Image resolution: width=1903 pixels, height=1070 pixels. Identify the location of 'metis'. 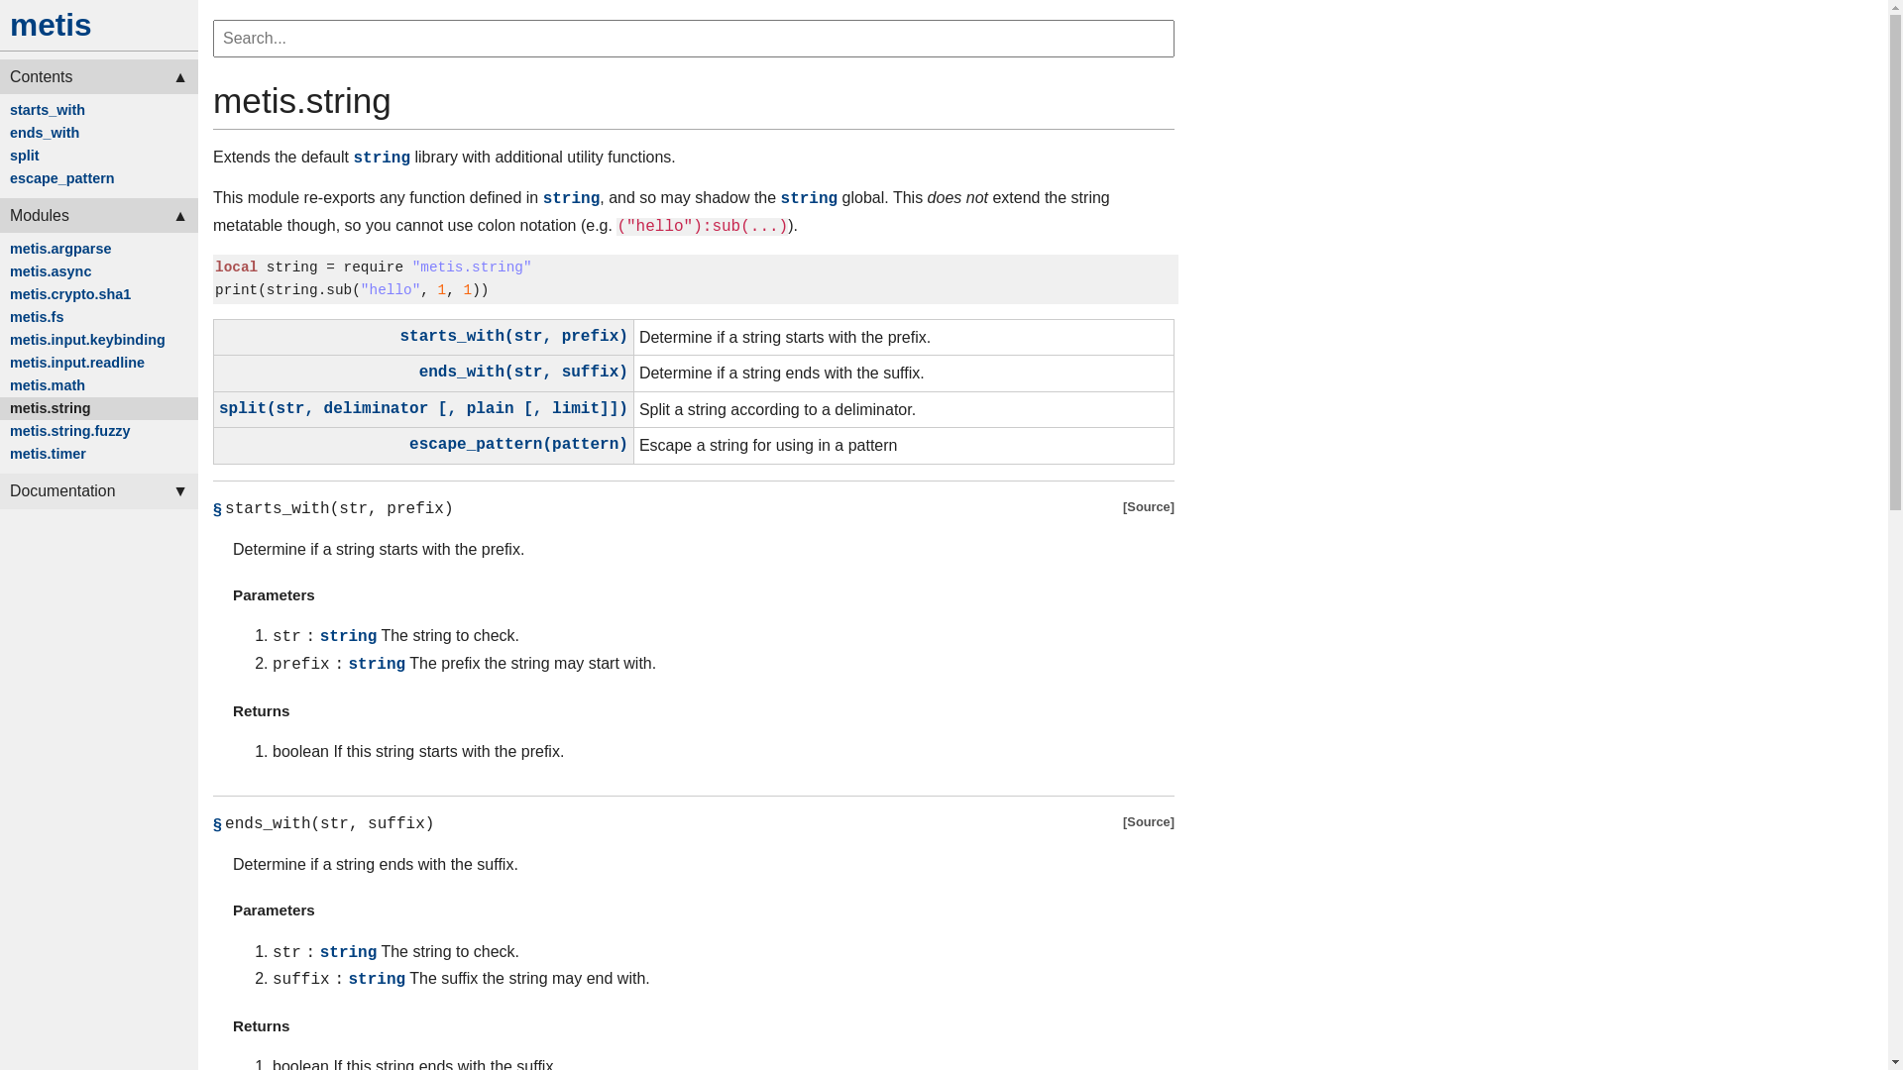
(9, 24).